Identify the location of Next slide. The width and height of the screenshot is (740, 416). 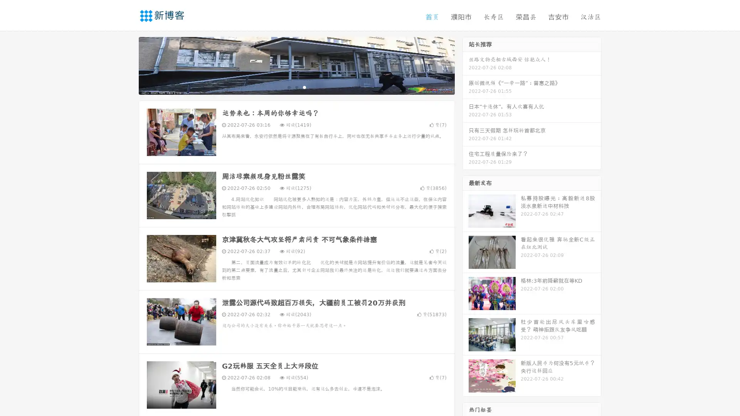
(466, 65).